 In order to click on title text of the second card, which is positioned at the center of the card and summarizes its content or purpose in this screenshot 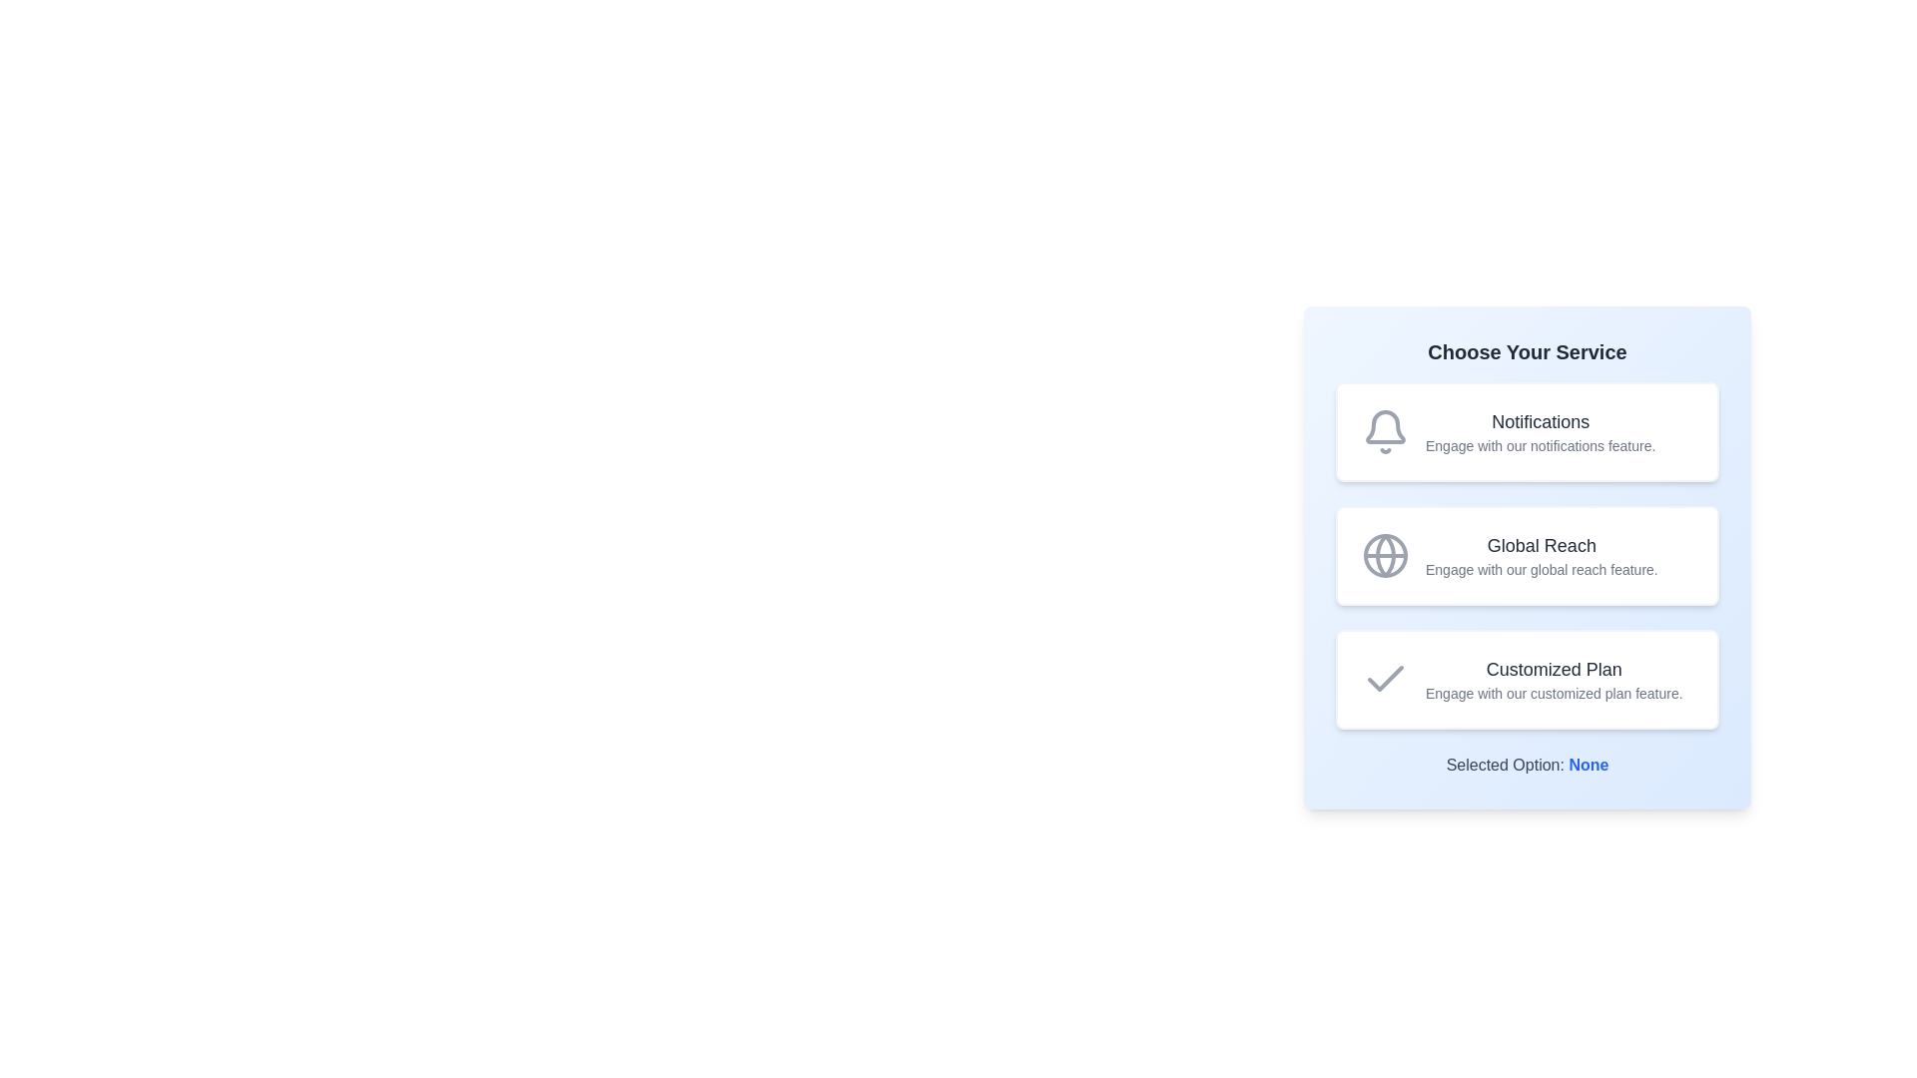, I will do `click(1541, 546)`.